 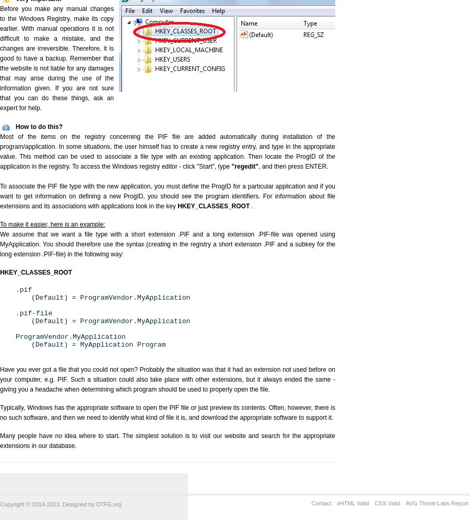 I want to click on 'Most of the items on the registry concerning the PIF file are added automatically during installation of the program/application. In some situations, the user himself has to create a new registry entry, and type in the appropriate value. This method can be used to associate a file type with an existing application. Then locate the ProgID of the application in the registry. To access the Windows registry editor - click "Start", type', so click(x=167, y=151).